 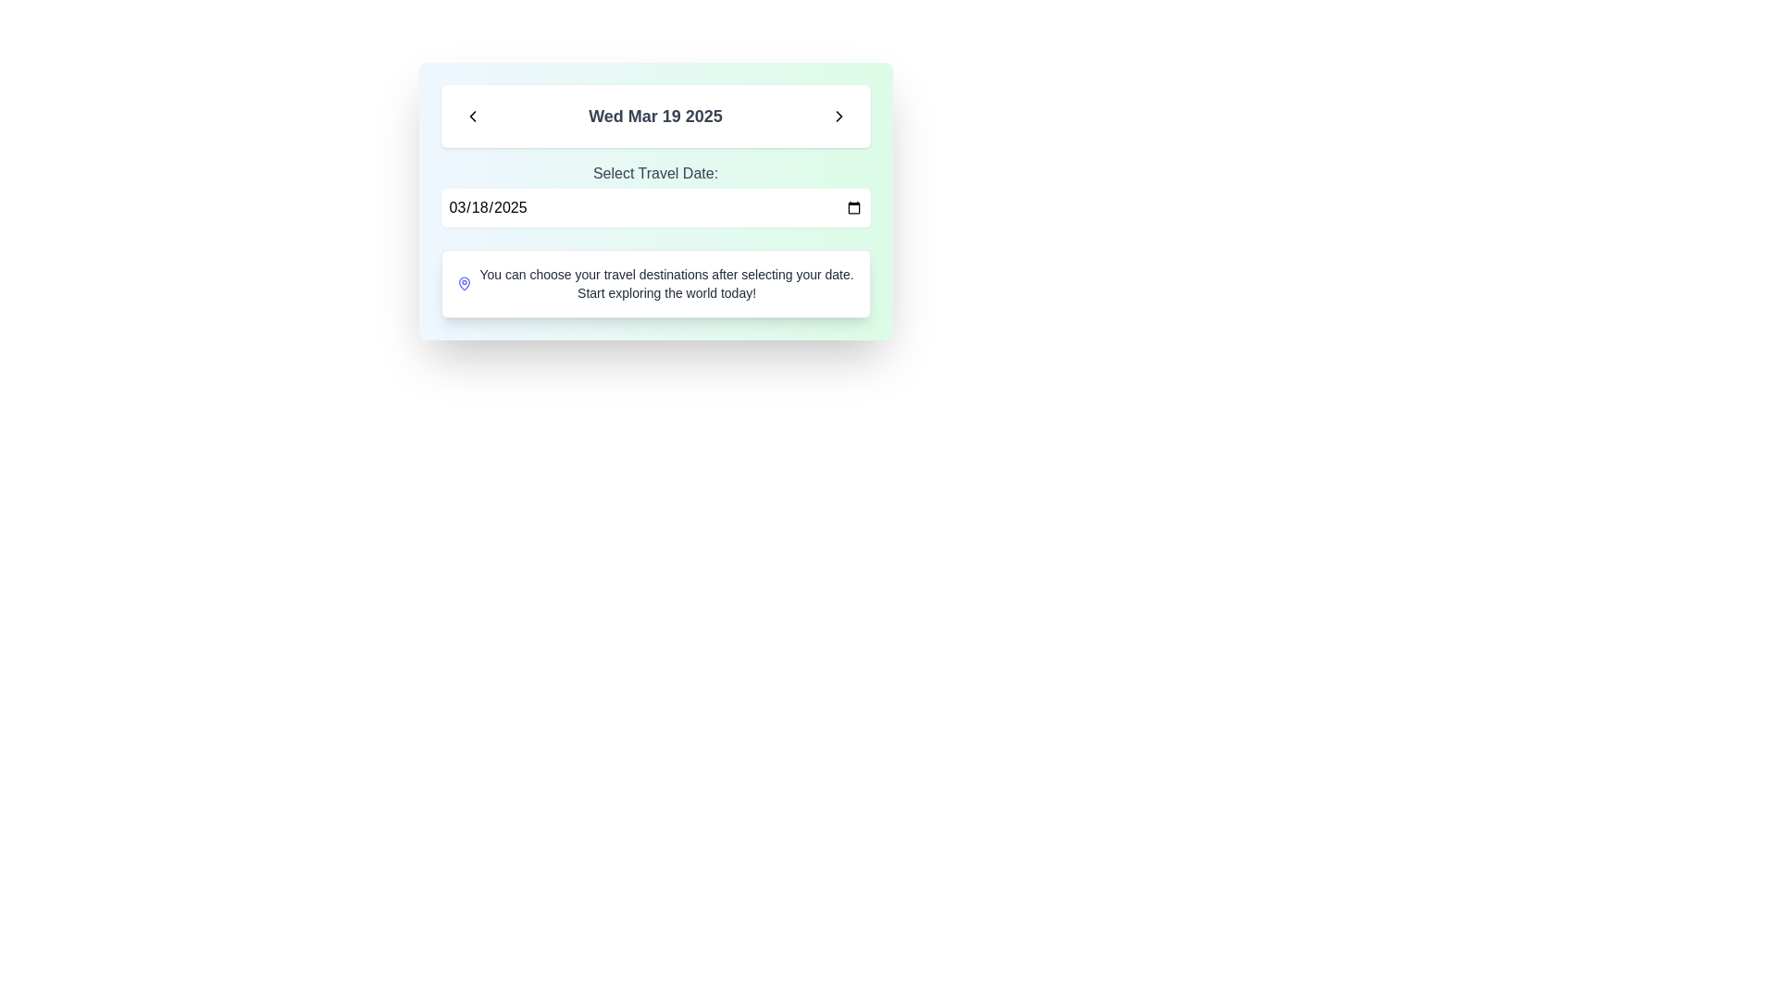 I want to click on the button with an outline style and a left-pointing chevron icon, located to the left of the date text 'Wed Mar 19 2025', so click(x=472, y=117).